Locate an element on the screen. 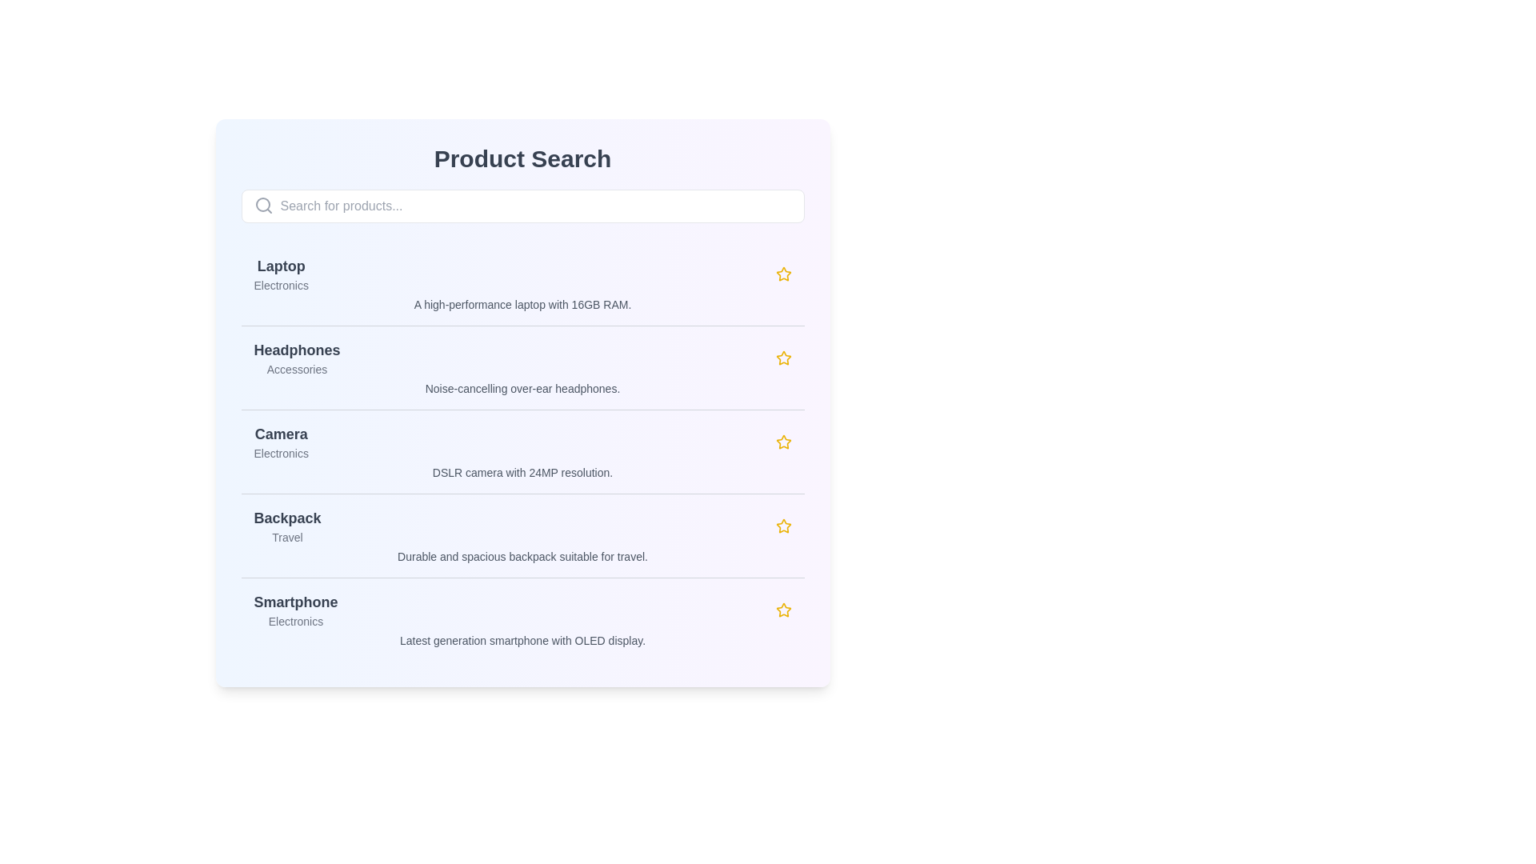 The width and height of the screenshot is (1536, 864). the Text Label that provides contextual information for the 'Laptop' item, located beneath the main text 'Laptop' and aligned to the left is located at coordinates (281, 285).